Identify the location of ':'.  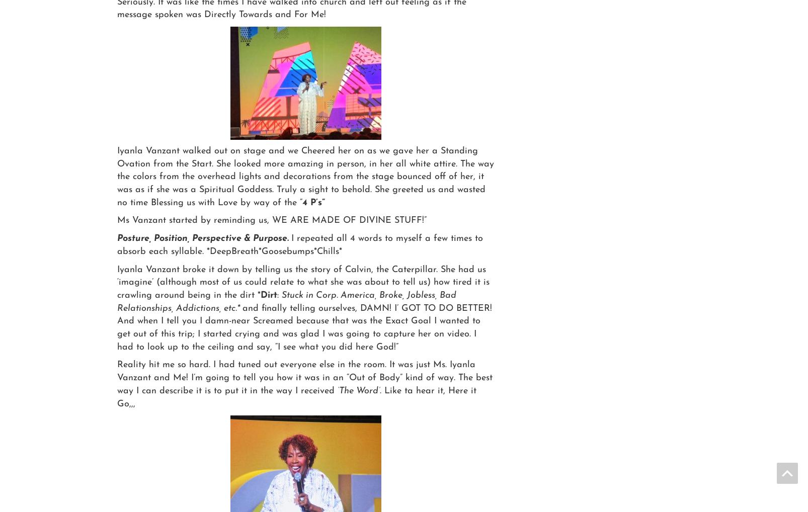
(279, 295).